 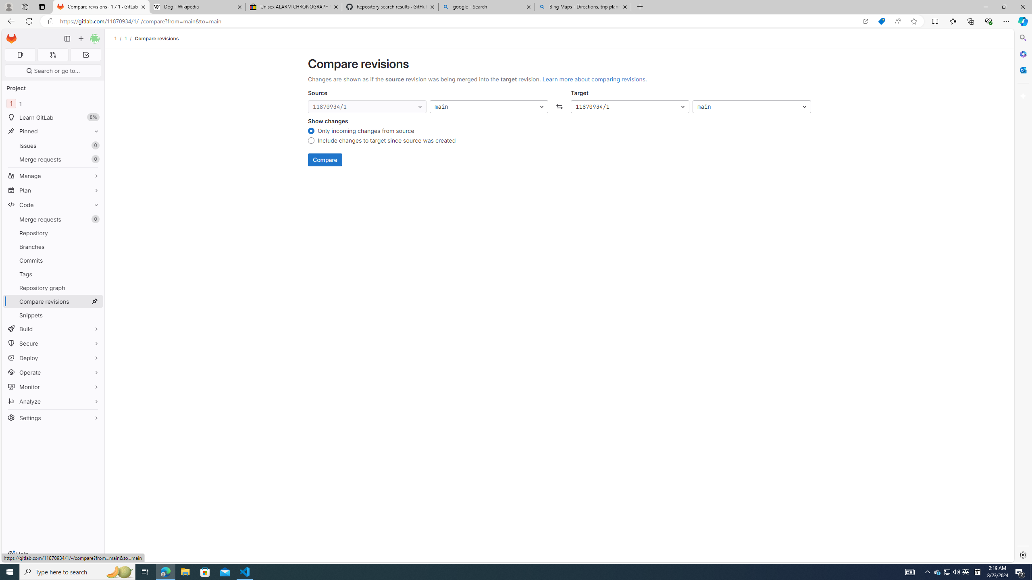 What do you see at coordinates (559, 106) in the screenshot?
I see `'Swap'` at bounding box center [559, 106].